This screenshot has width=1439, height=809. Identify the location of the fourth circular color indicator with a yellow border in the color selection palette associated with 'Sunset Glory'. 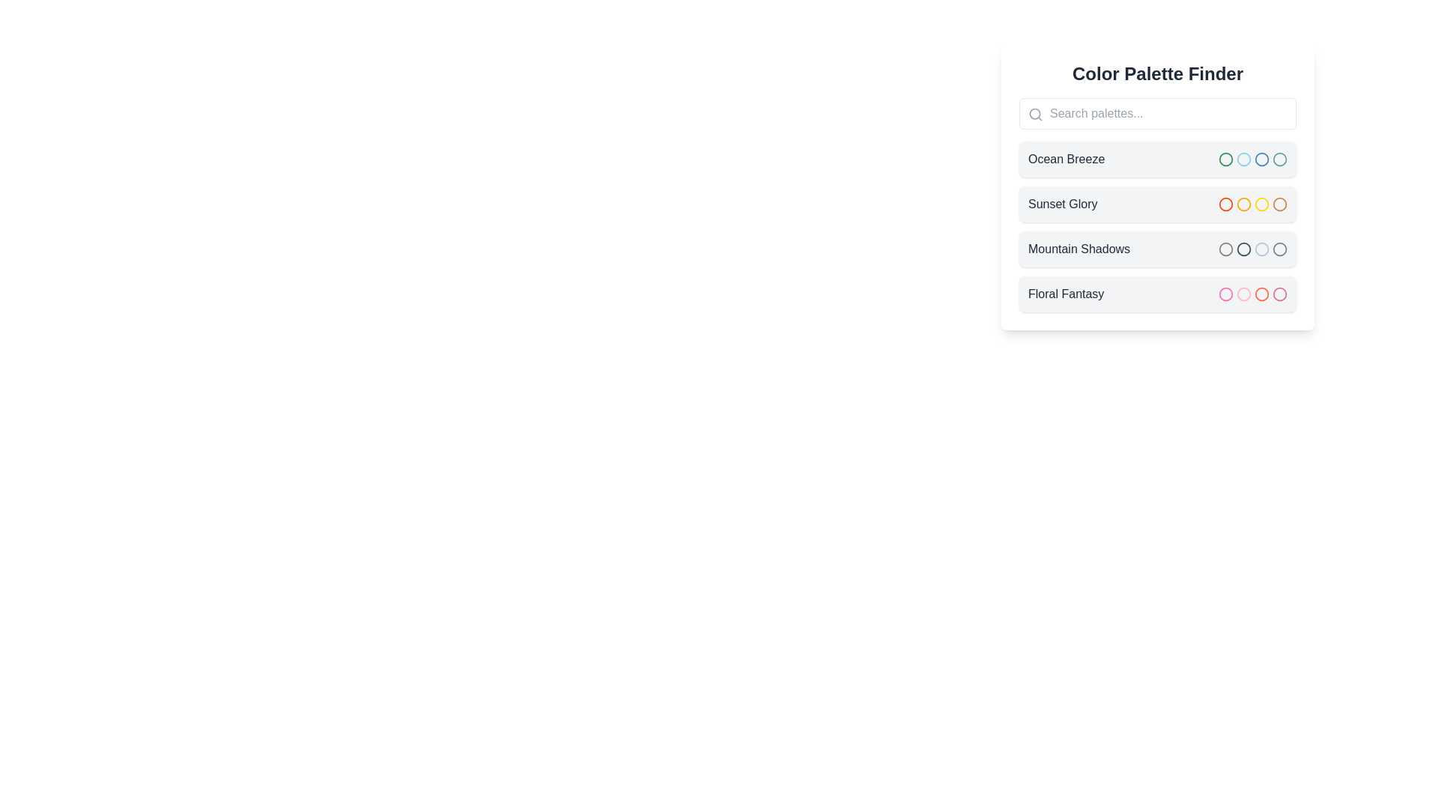
(1261, 204).